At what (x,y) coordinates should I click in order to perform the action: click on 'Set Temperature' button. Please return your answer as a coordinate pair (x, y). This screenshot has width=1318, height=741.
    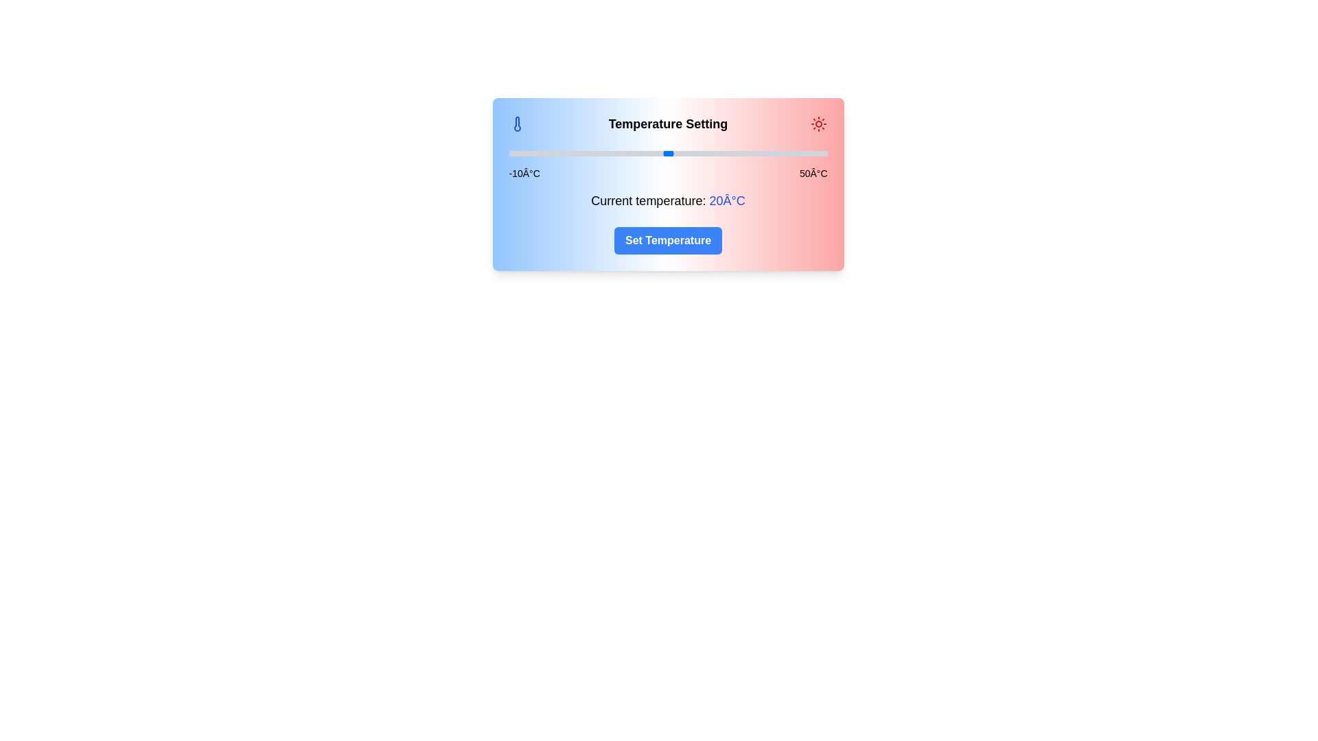
    Looking at the image, I should click on (668, 240).